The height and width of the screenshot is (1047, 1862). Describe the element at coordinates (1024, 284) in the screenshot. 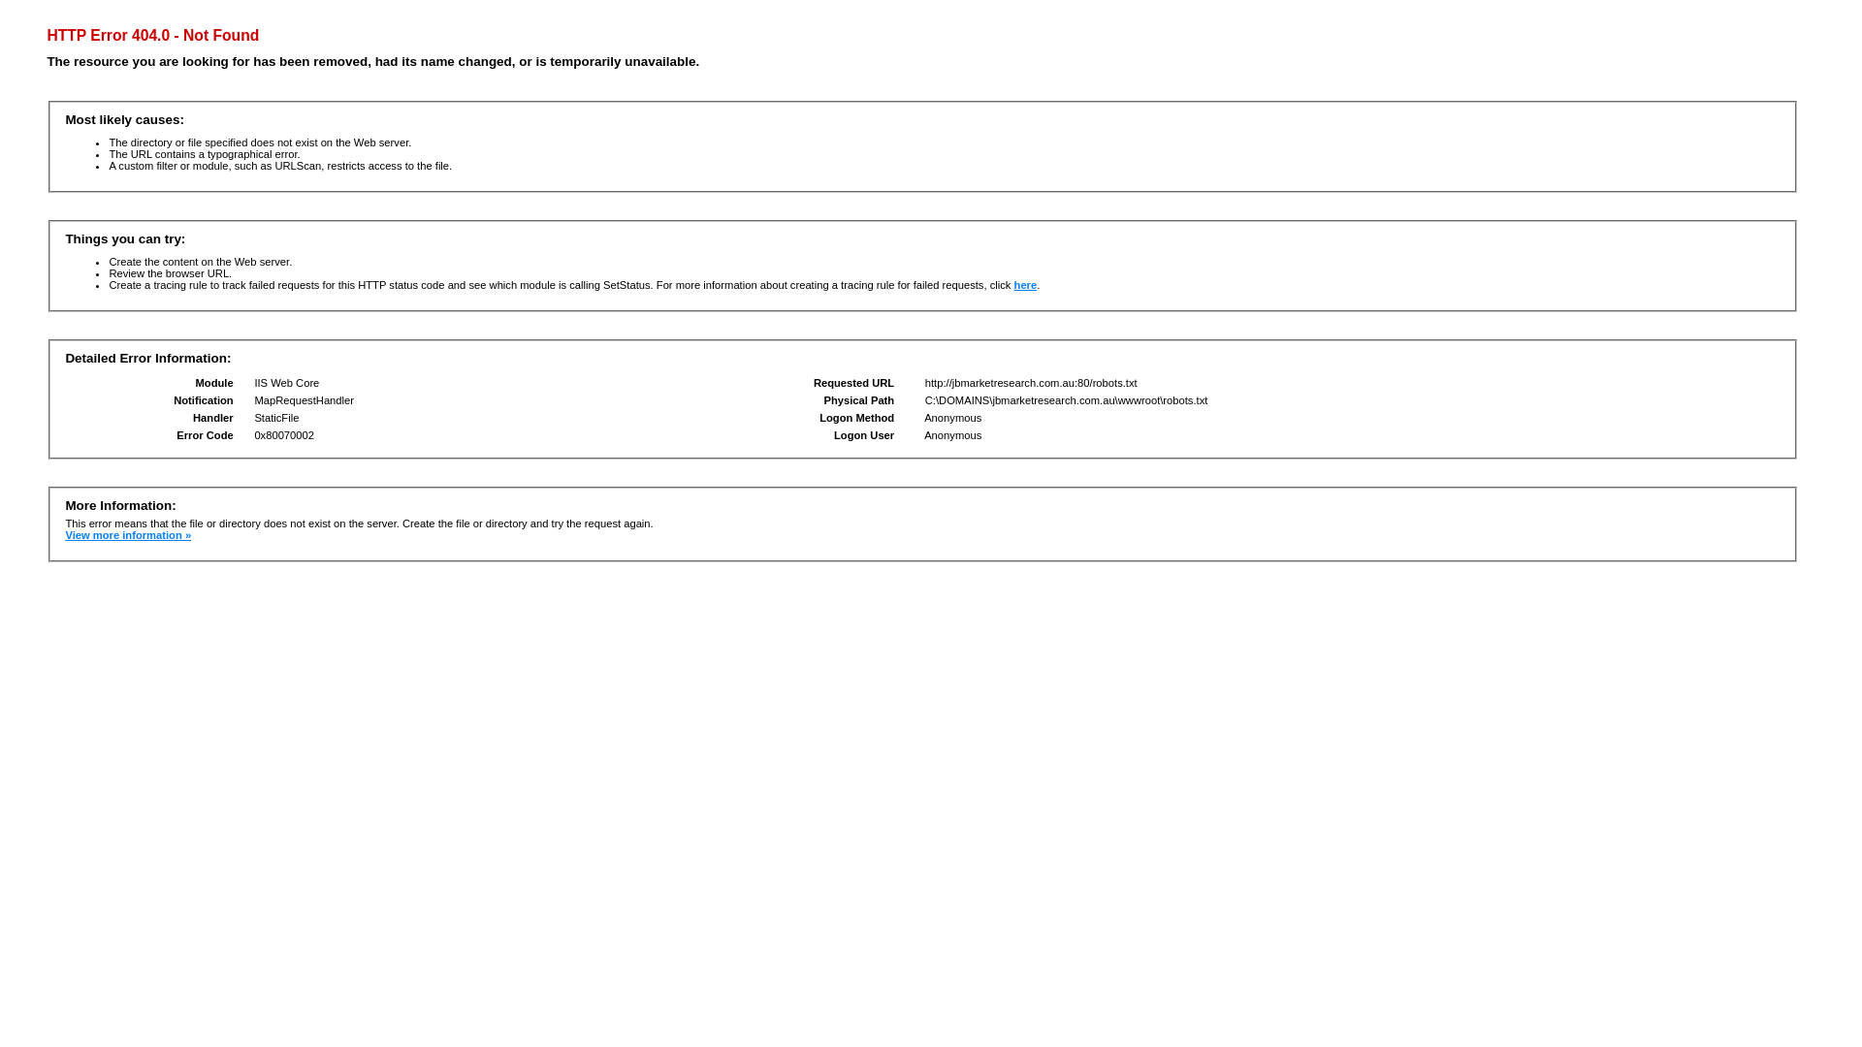

I see `'here'` at that location.